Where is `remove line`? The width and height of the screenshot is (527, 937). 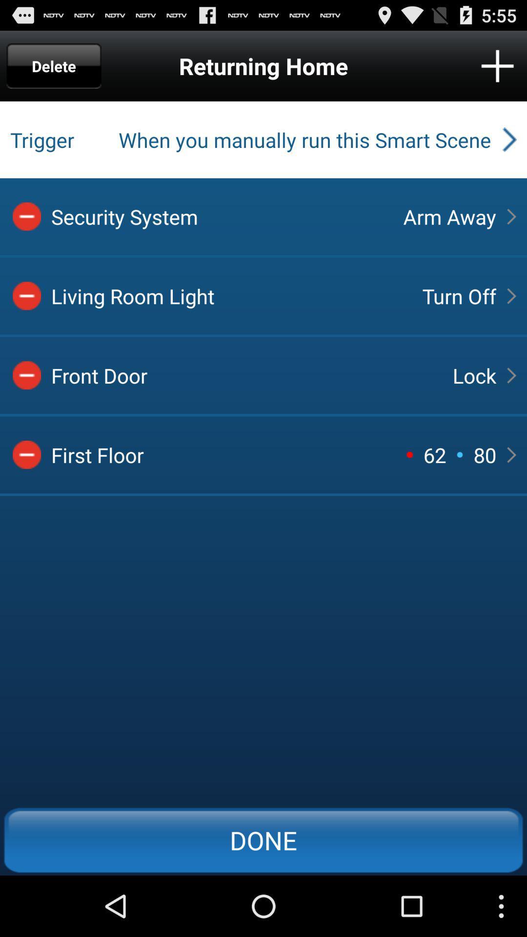 remove line is located at coordinates (26, 216).